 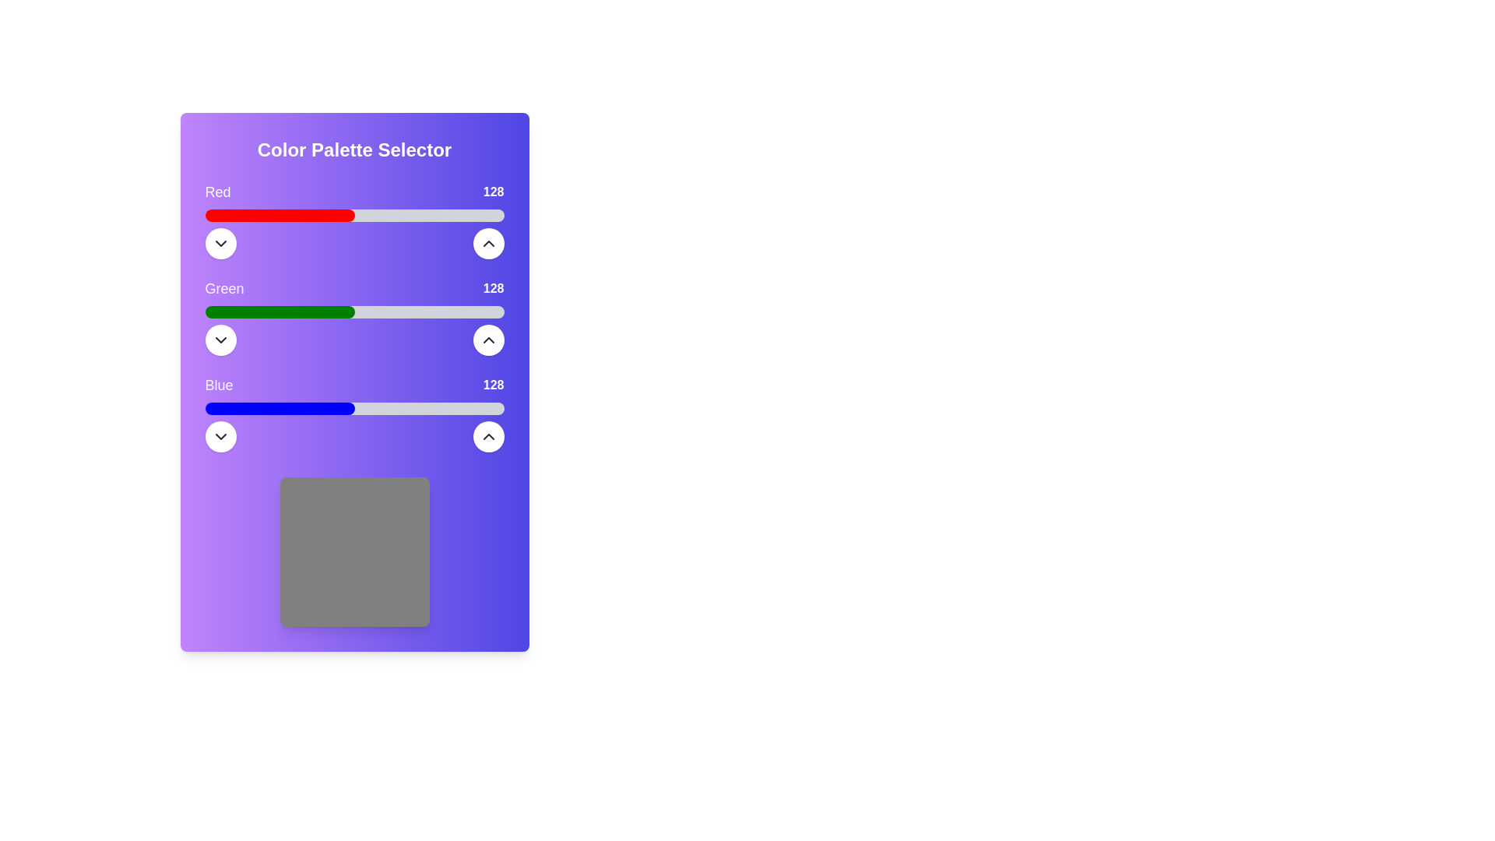 What do you see at coordinates (318, 312) in the screenshot?
I see `the green component of the color` at bounding box center [318, 312].